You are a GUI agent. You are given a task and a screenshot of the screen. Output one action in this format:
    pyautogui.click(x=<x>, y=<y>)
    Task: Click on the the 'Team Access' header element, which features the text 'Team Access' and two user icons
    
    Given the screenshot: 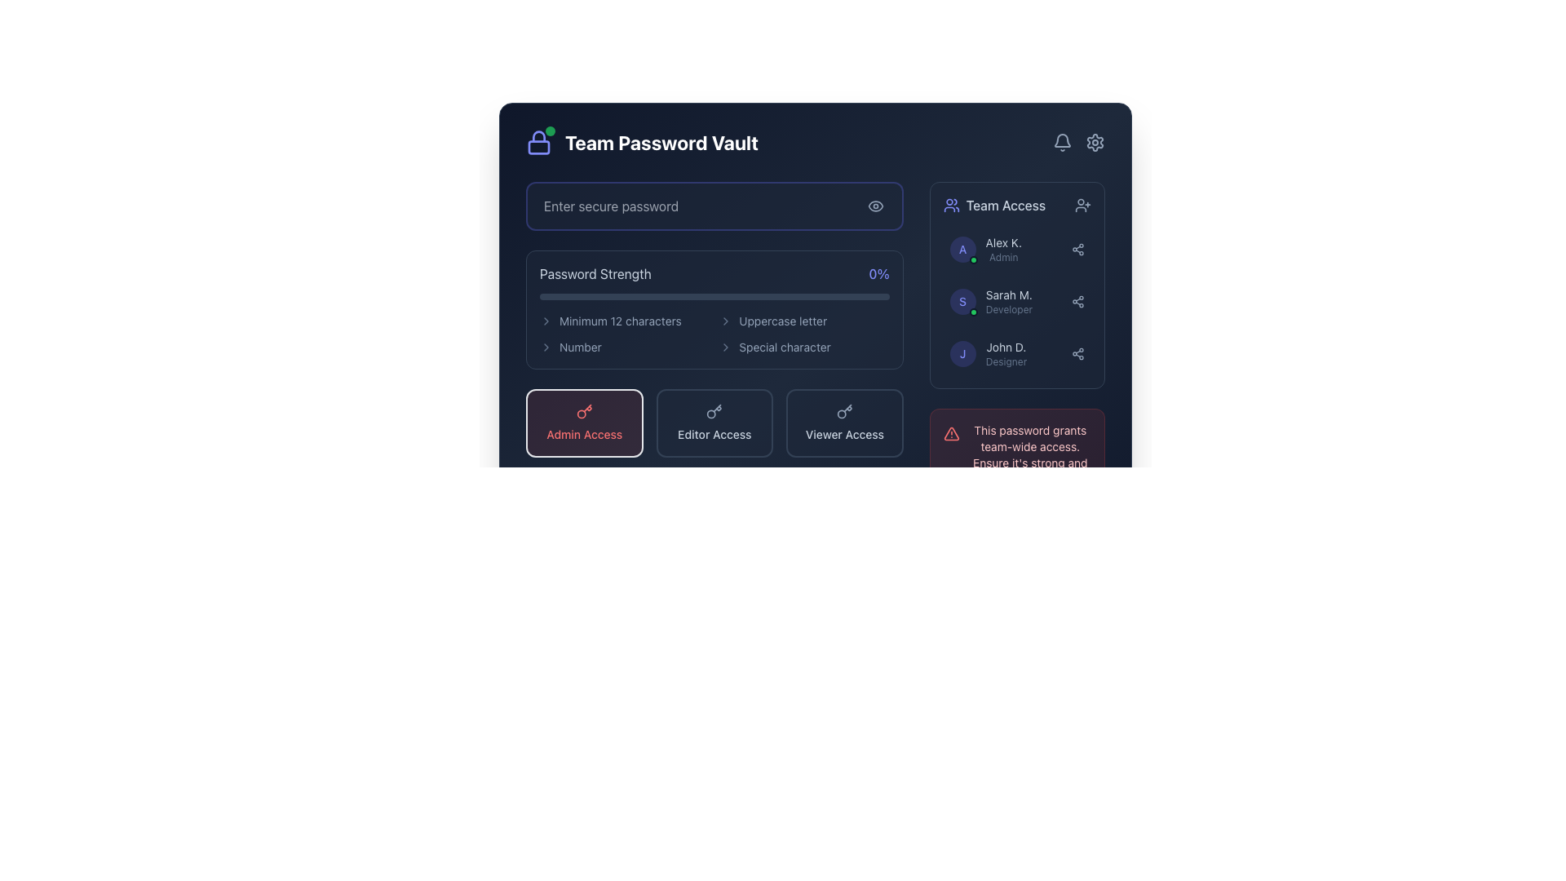 What is the action you would take?
    pyautogui.click(x=1016, y=204)
    